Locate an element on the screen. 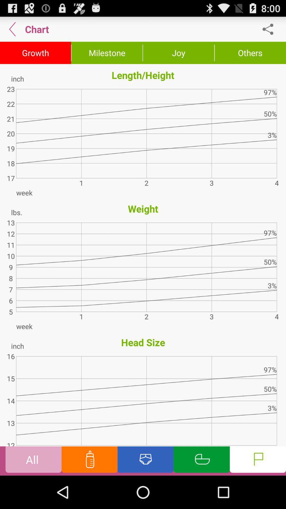  icon above the length/height icon is located at coordinates (107, 53).